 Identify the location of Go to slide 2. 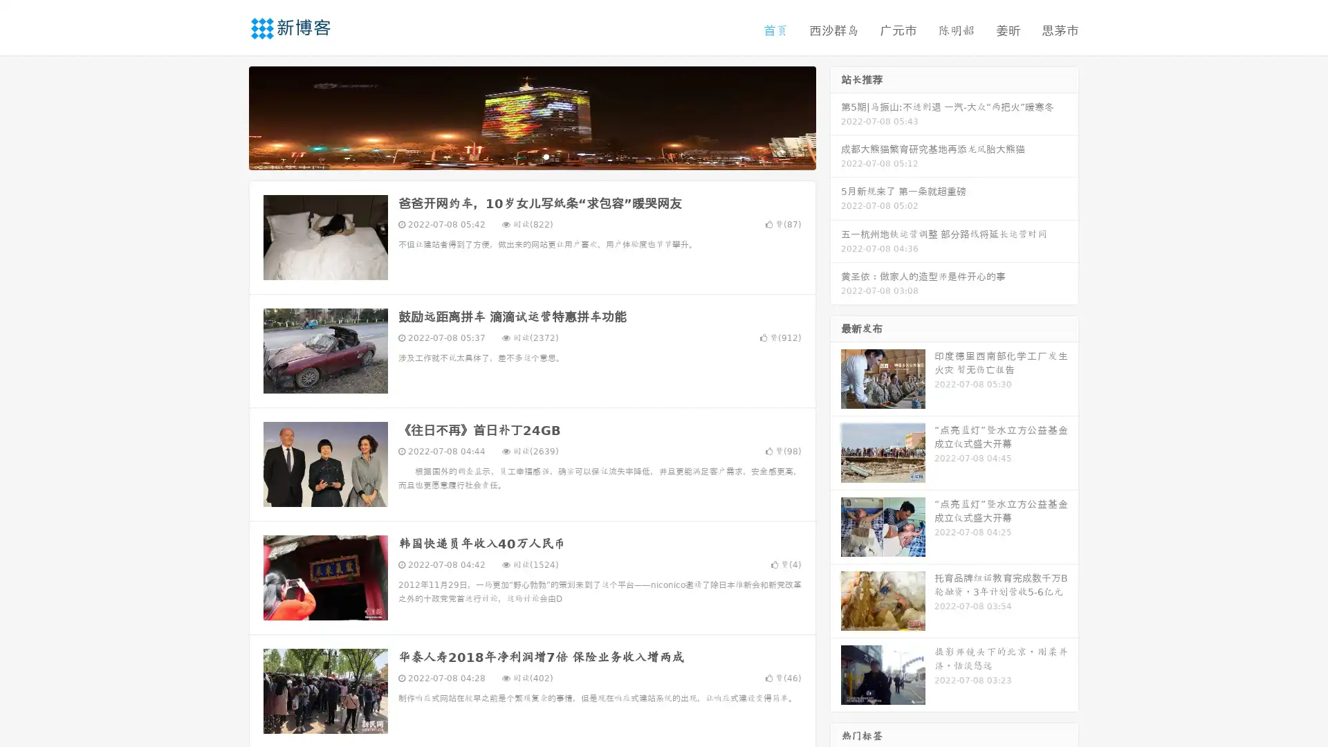
(531, 156).